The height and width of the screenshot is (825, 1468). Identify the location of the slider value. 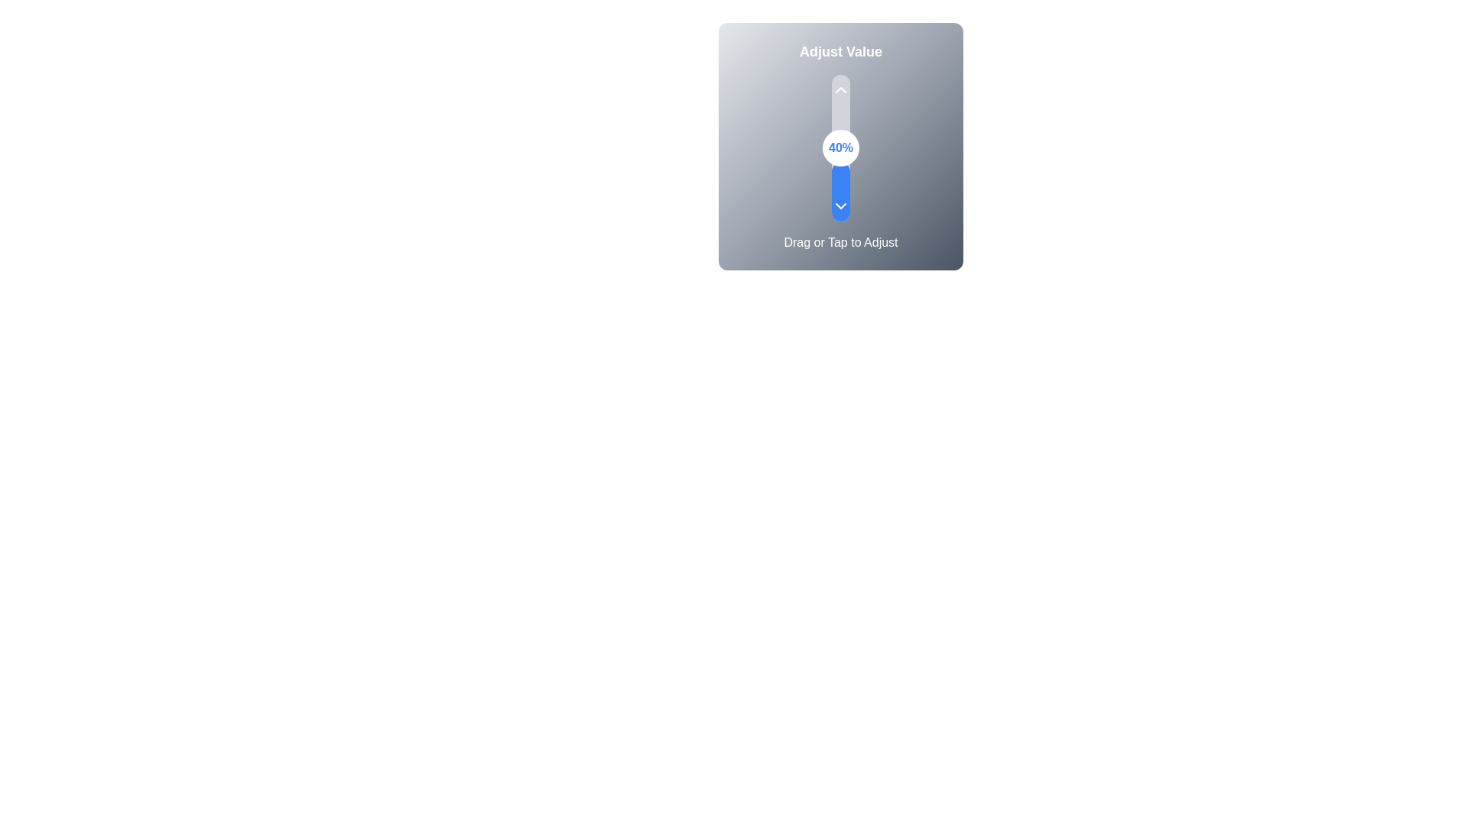
(840, 142).